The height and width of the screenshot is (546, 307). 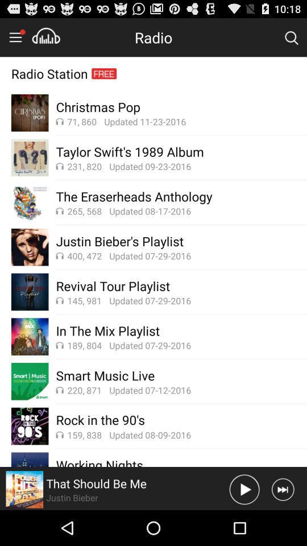 What do you see at coordinates (244, 489) in the screenshot?
I see `the item next to the that should be icon` at bounding box center [244, 489].